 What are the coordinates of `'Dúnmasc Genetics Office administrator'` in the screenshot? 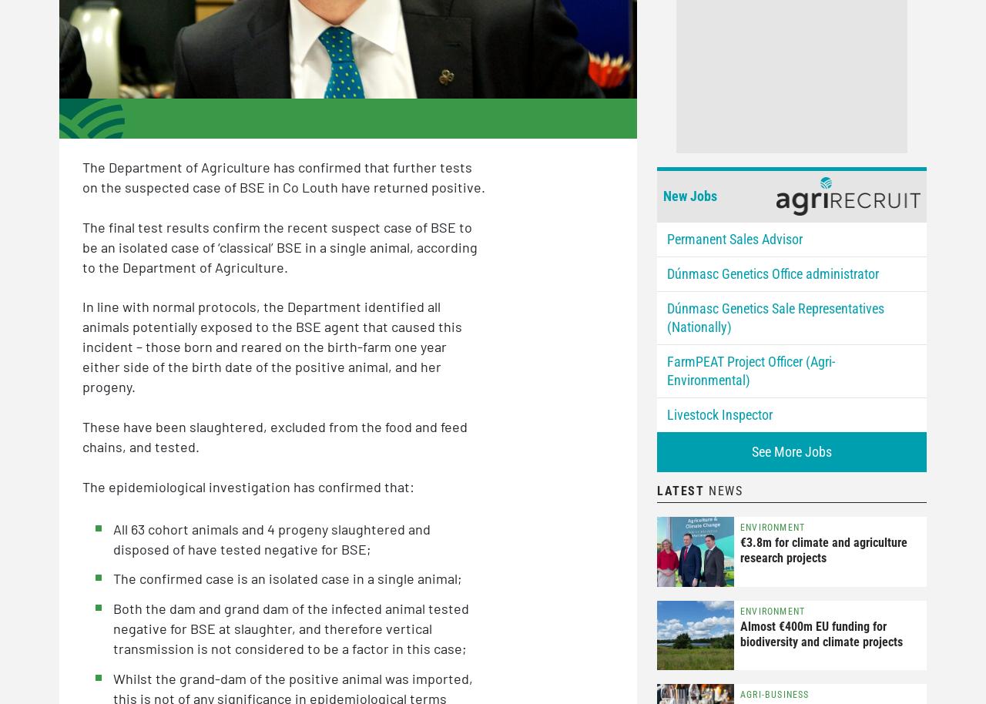 It's located at (667, 272).